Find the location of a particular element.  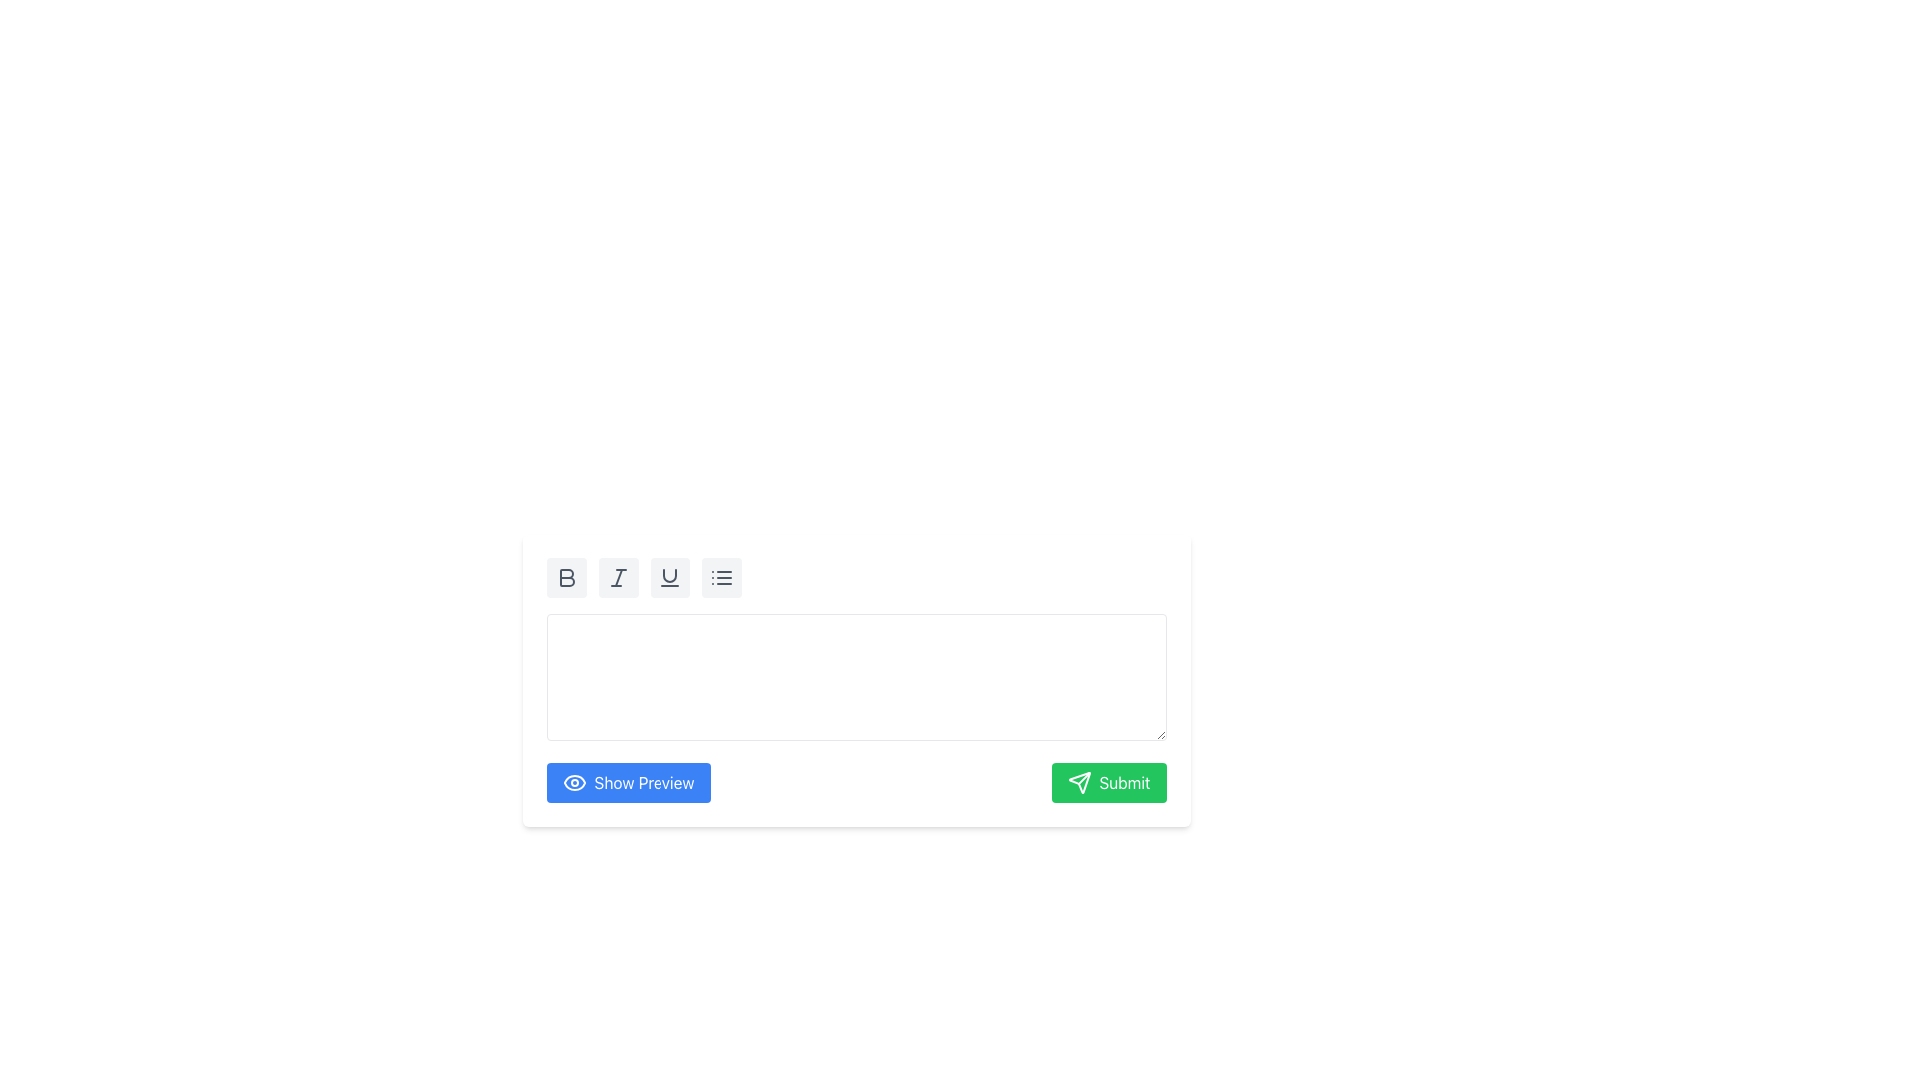

the rightmost button in the toolbar with a light gray background and text alignment icon is located at coordinates (720, 578).